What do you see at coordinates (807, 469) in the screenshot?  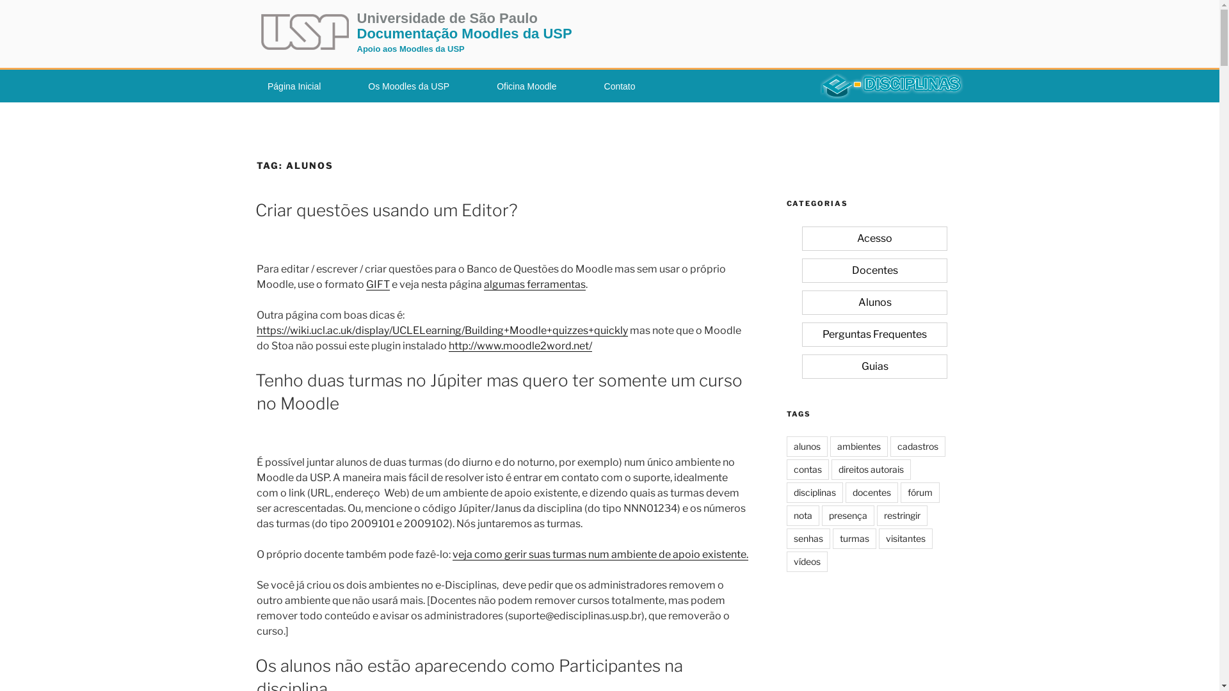 I see `'contas'` at bounding box center [807, 469].